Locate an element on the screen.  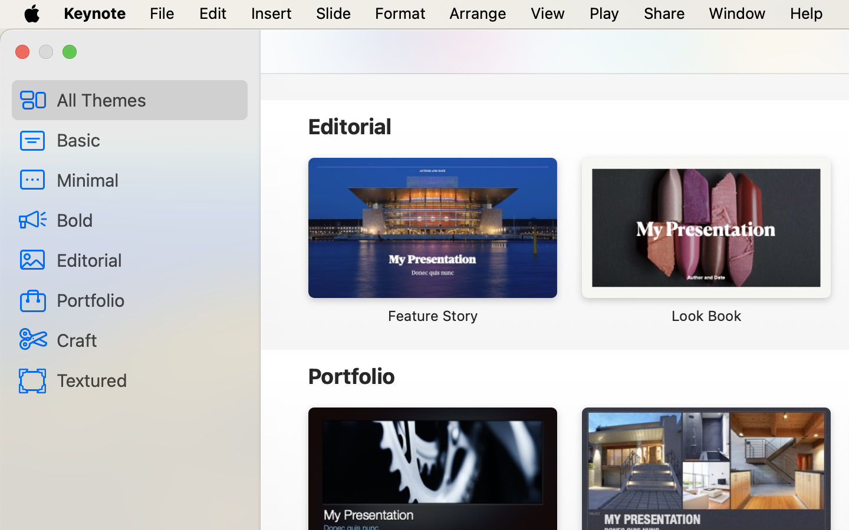
'Textured' is located at coordinates (146, 380).